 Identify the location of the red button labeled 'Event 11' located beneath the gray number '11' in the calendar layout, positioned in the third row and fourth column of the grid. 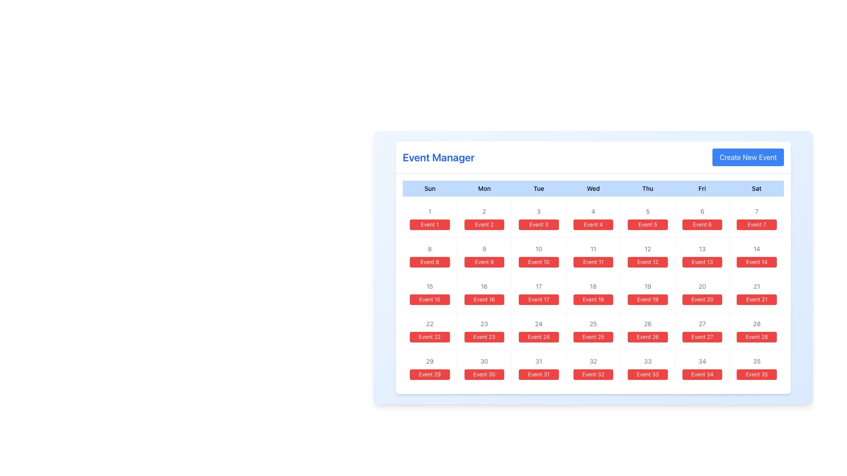
(593, 256).